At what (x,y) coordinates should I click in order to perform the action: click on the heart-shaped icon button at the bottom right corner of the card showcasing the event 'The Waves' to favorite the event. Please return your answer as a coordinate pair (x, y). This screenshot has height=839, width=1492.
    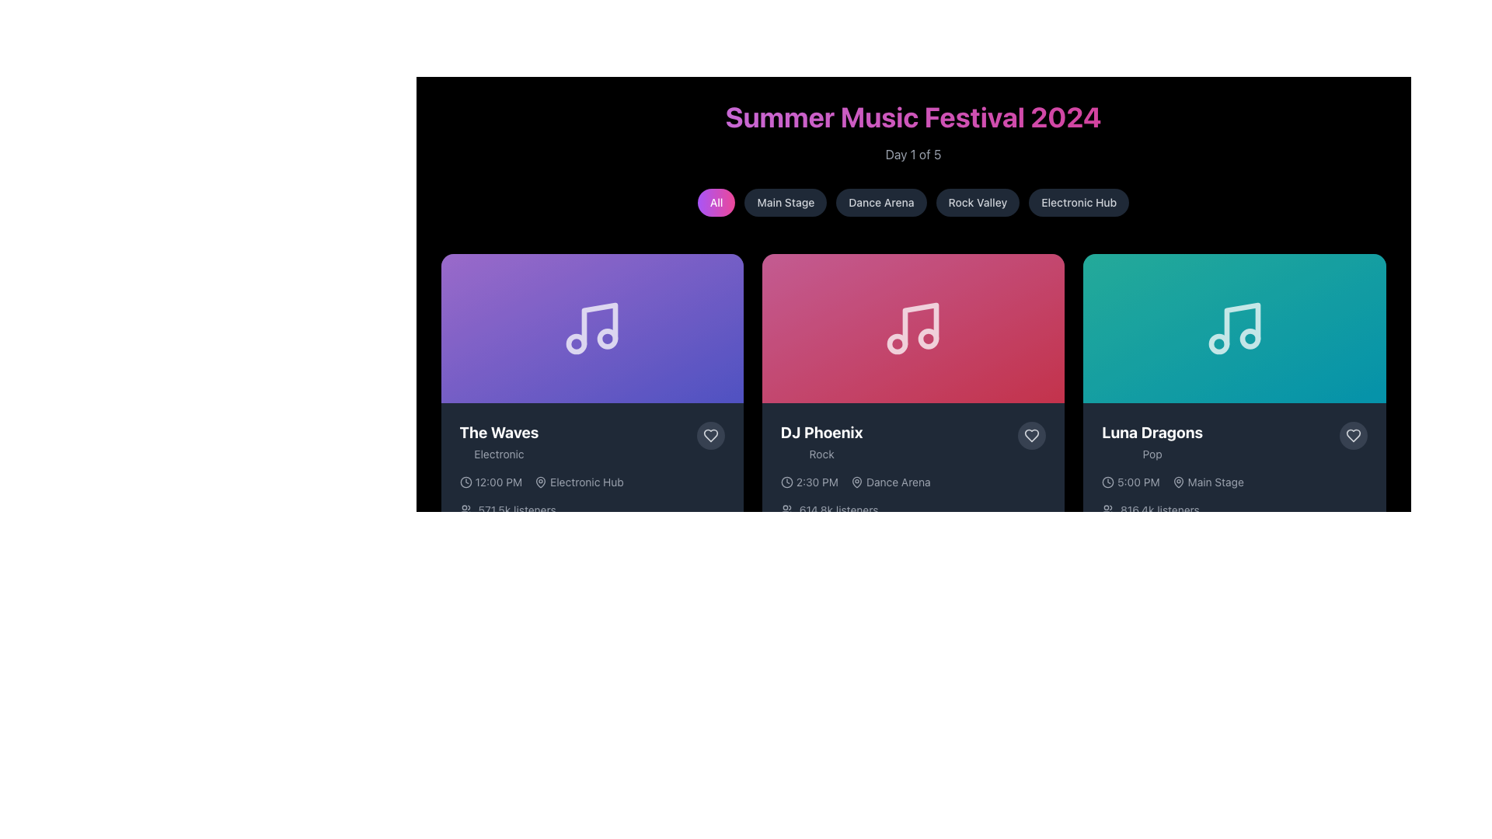
    Looking at the image, I should click on (709, 435).